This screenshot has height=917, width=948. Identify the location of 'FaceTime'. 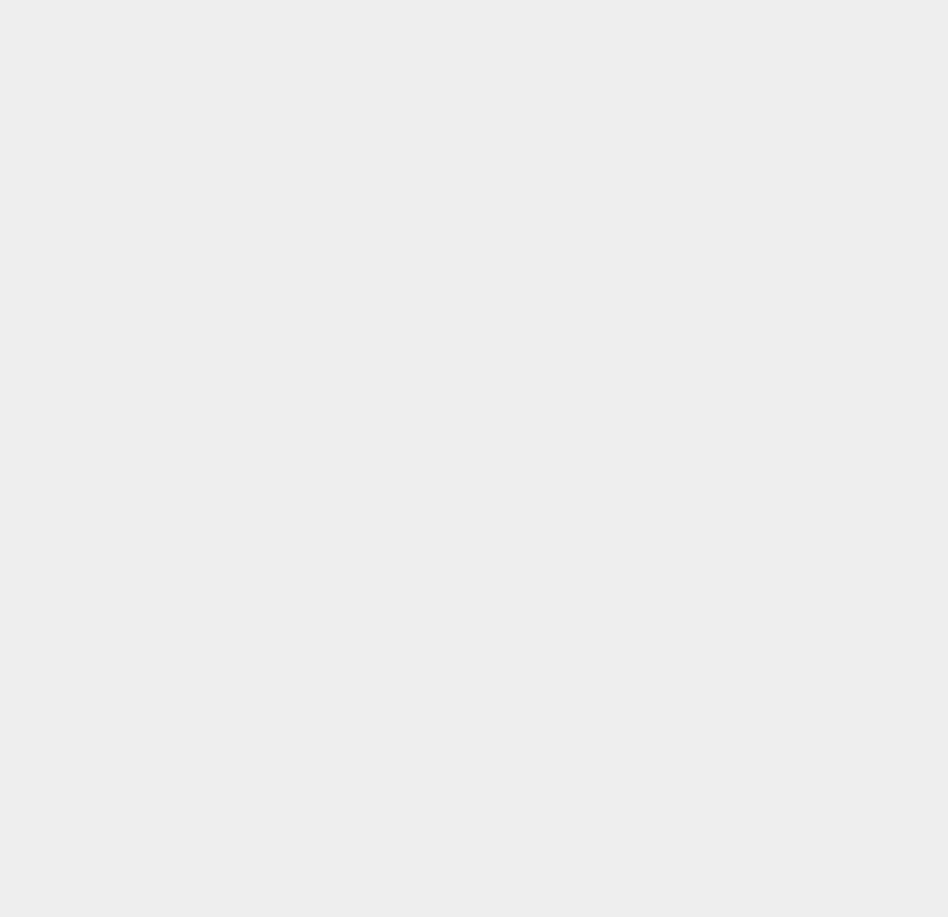
(695, 309).